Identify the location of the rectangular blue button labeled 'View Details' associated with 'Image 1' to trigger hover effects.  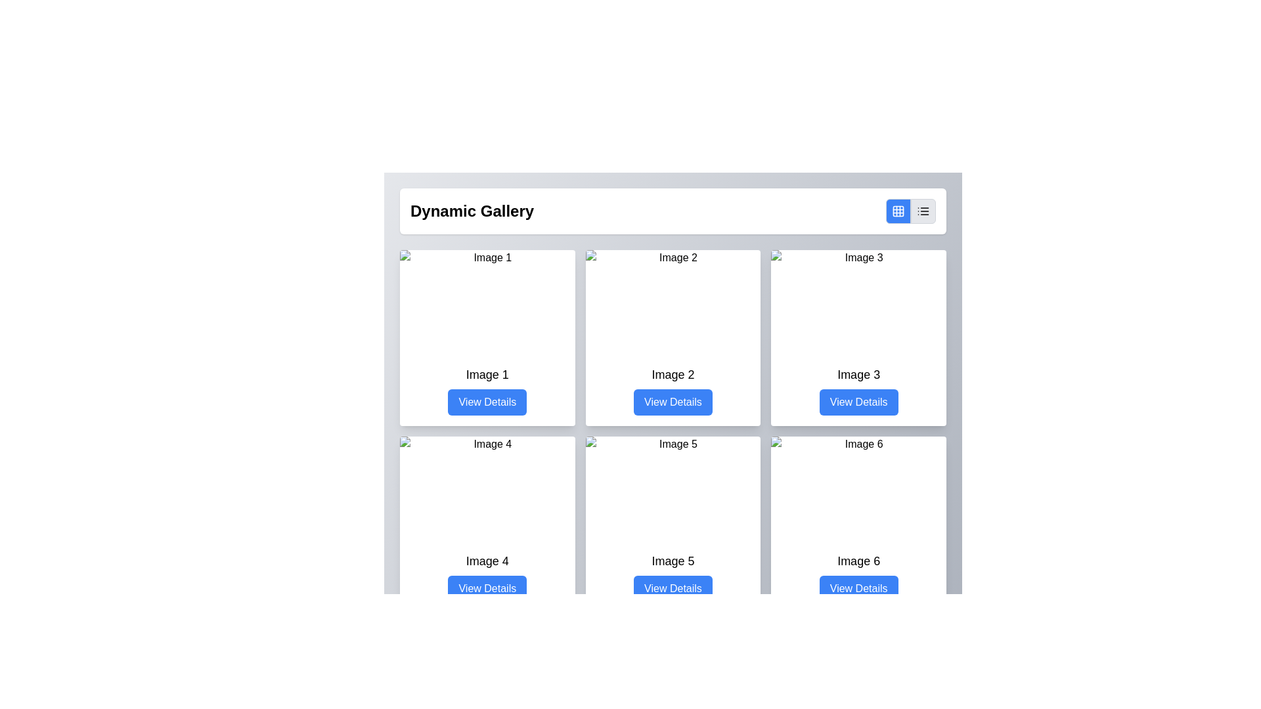
(487, 402).